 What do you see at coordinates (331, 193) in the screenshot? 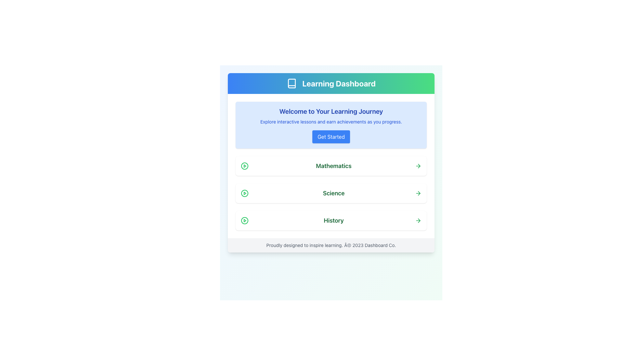
I see `the 'Science' button, which is a rectangular segment with rounded corners, featuring a green play icon on the left, bold green text in the center, and a green rightward arrow icon on the right, located in the middle of a vertical list on the learning dashboard interface` at bounding box center [331, 193].